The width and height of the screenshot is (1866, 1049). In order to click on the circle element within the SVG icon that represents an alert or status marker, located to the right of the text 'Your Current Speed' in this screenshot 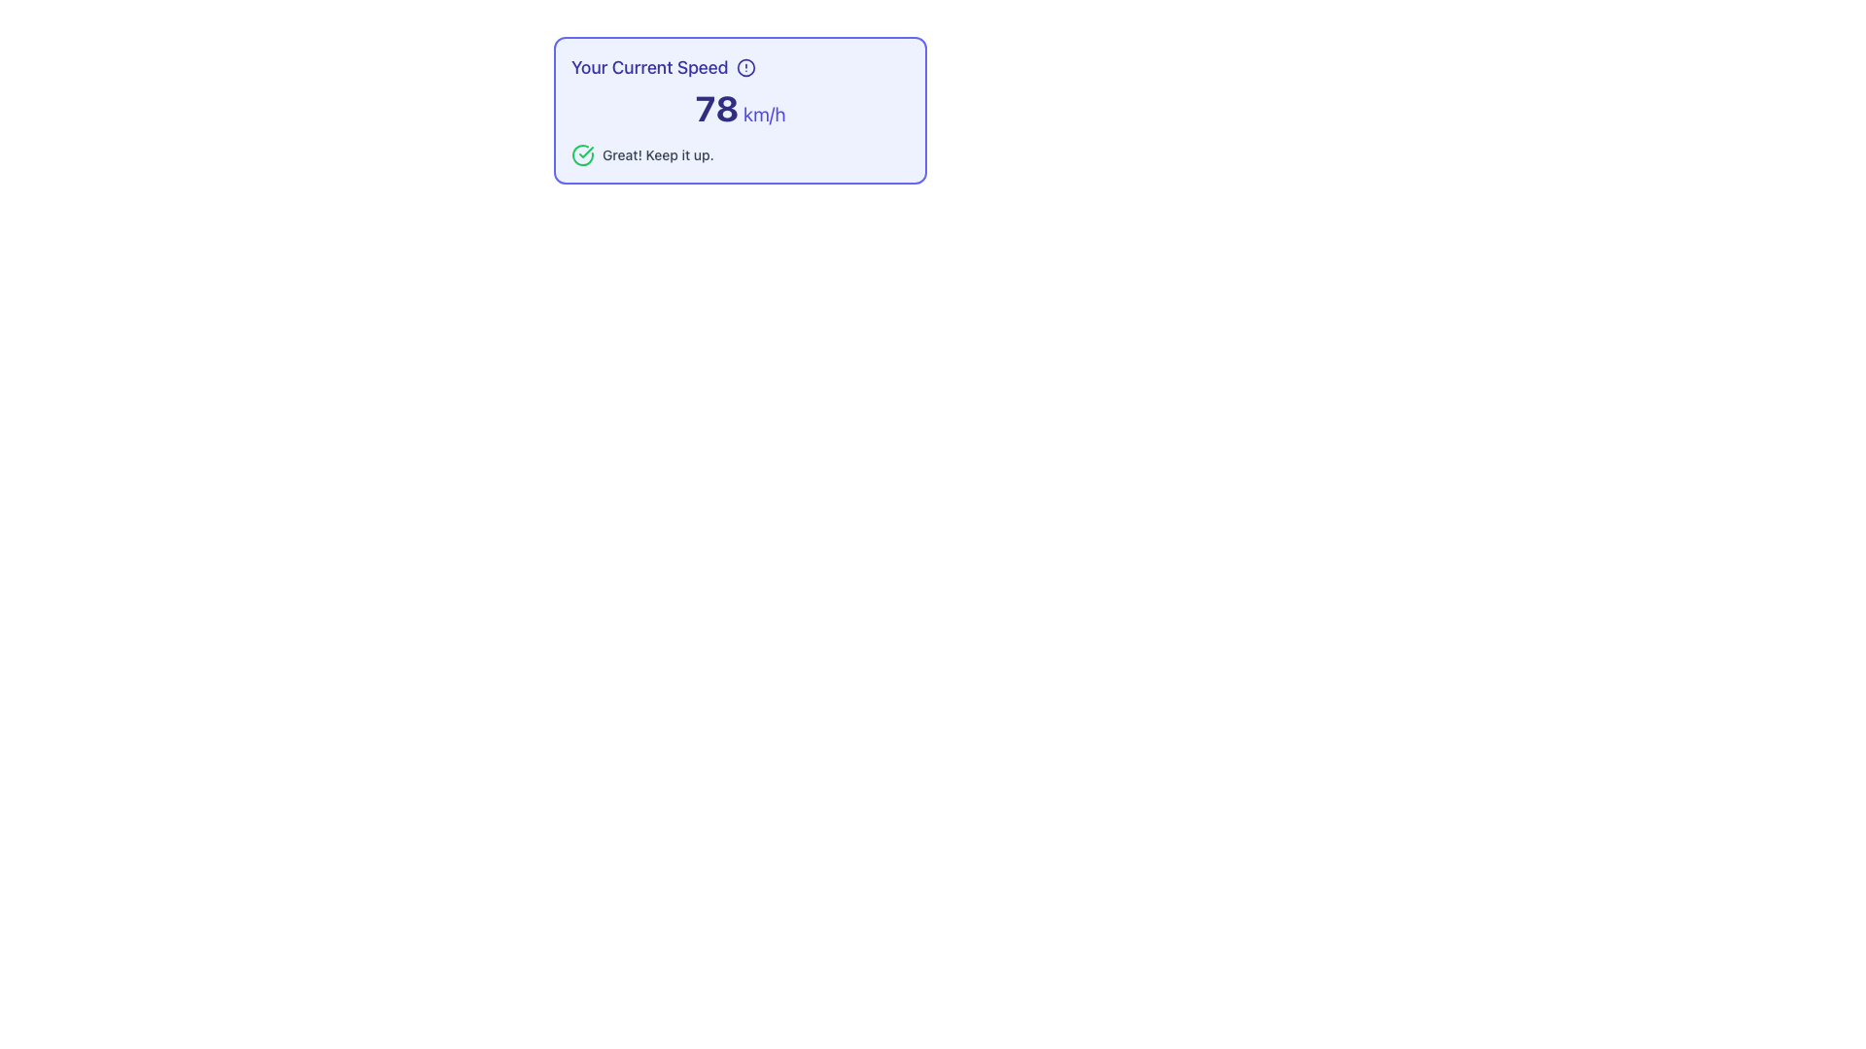, I will do `click(744, 66)`.